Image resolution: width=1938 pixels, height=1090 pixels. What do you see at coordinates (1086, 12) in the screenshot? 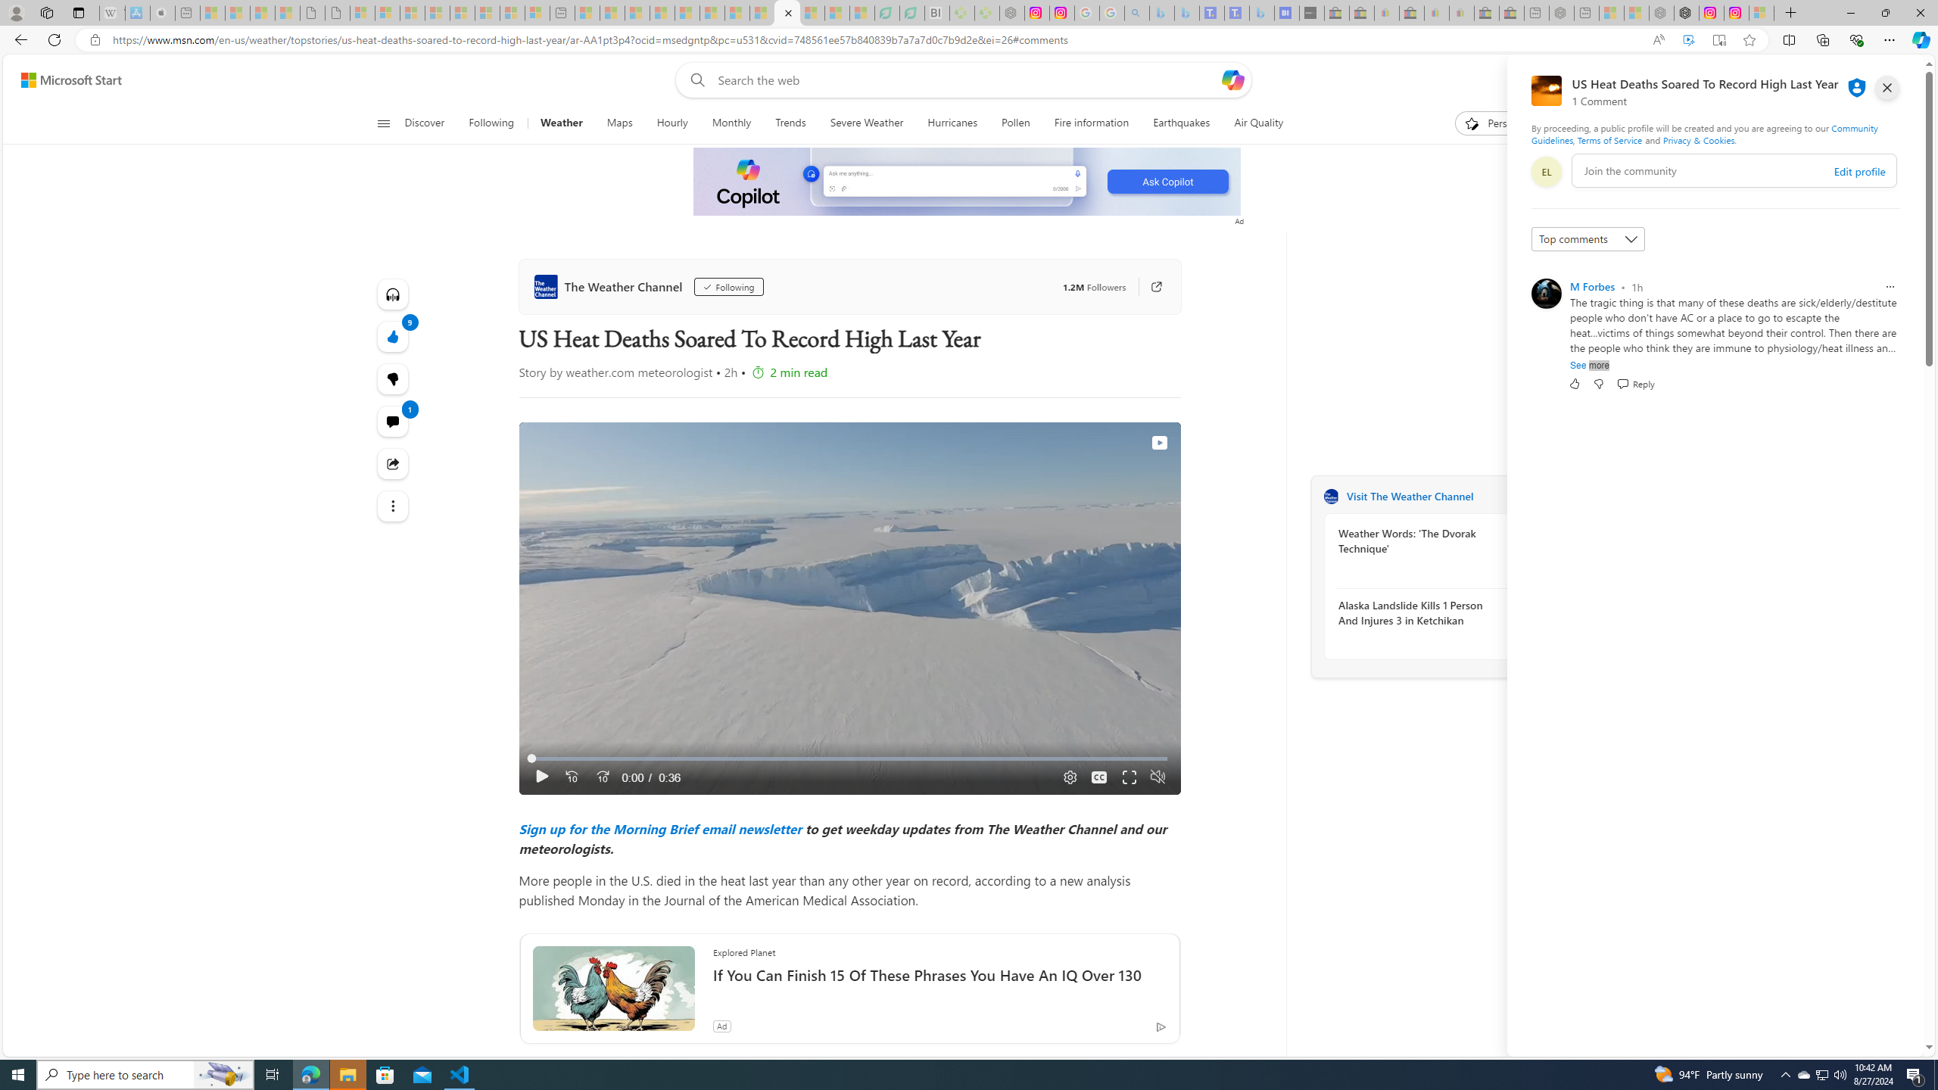
I see `'Safety in Our Products - Google Safety Center - Sleeping'` at bounding box center [1086, 12].